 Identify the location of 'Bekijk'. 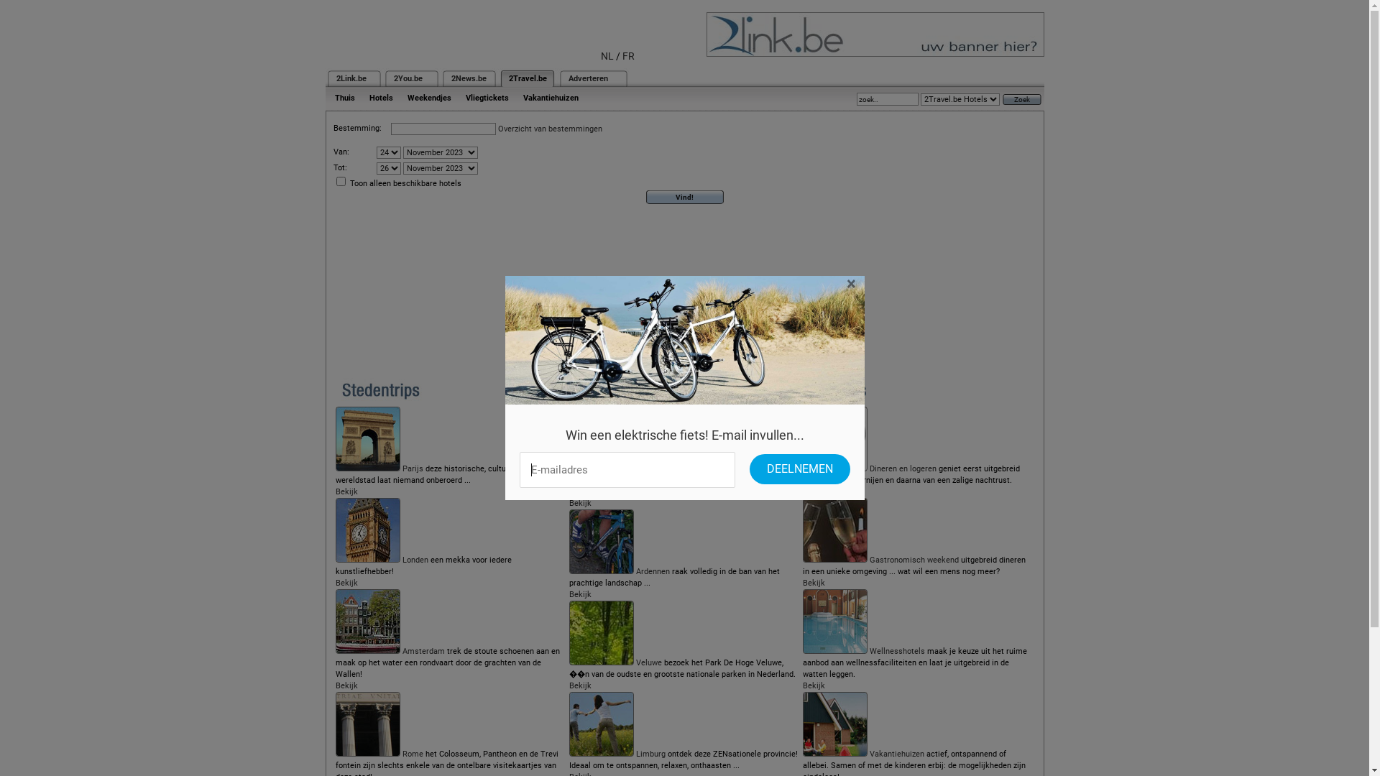
(580, 502).